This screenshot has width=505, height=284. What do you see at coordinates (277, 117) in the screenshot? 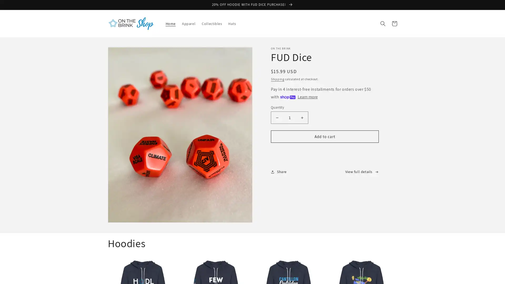
I see `Decrease quantity for FUD Dice` at bounding box center [277, 117].